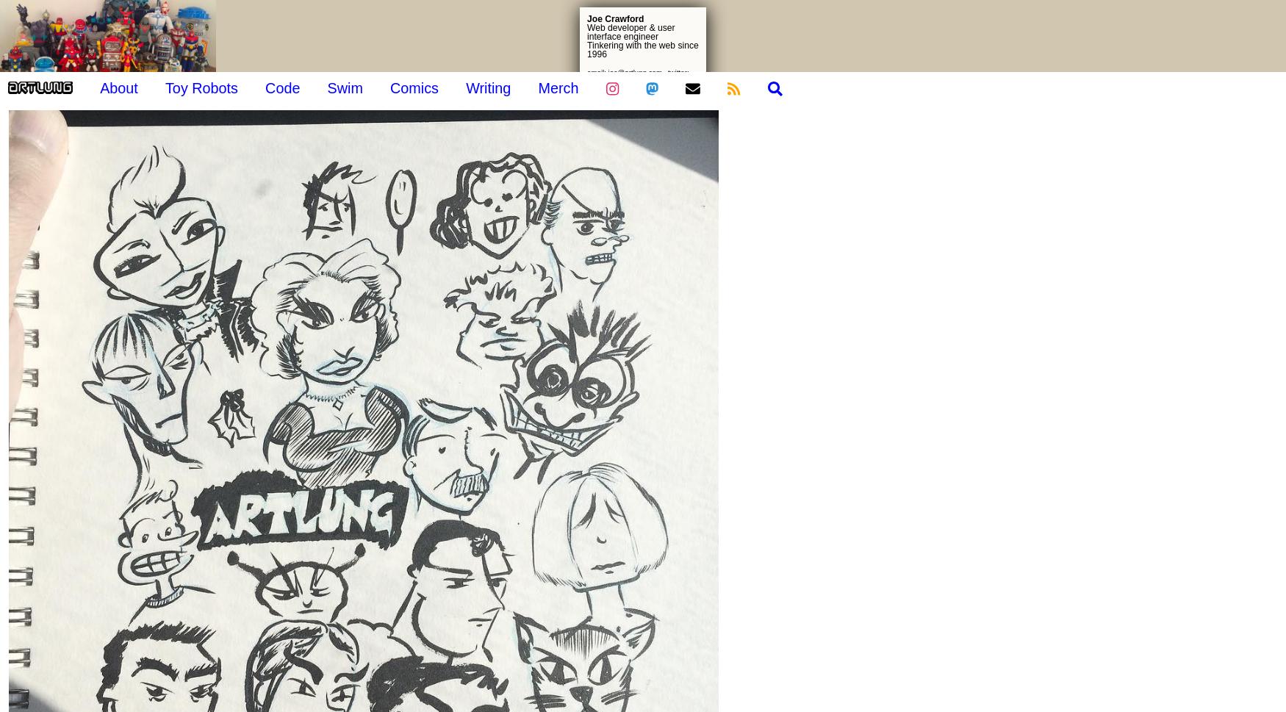 The image size is (1286, 712). What do you see at coordinates (413, 87) in the screenshot?
I see `'Comics'` at bounding box center [413, 87].